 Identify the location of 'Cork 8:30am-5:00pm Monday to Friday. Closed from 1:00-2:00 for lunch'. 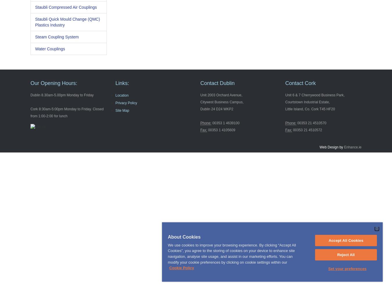
(66, 113).